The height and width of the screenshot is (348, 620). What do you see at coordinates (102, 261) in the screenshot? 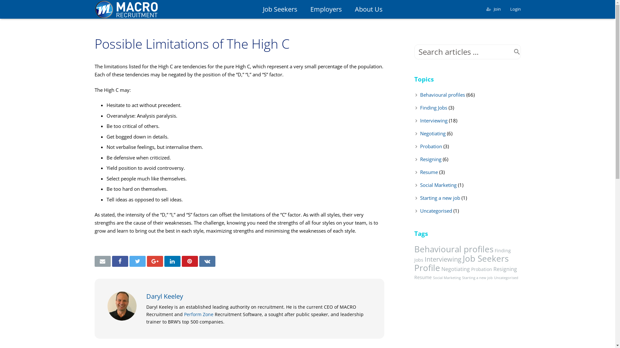
I see `'Email this'` at bounding box center [102, 261].